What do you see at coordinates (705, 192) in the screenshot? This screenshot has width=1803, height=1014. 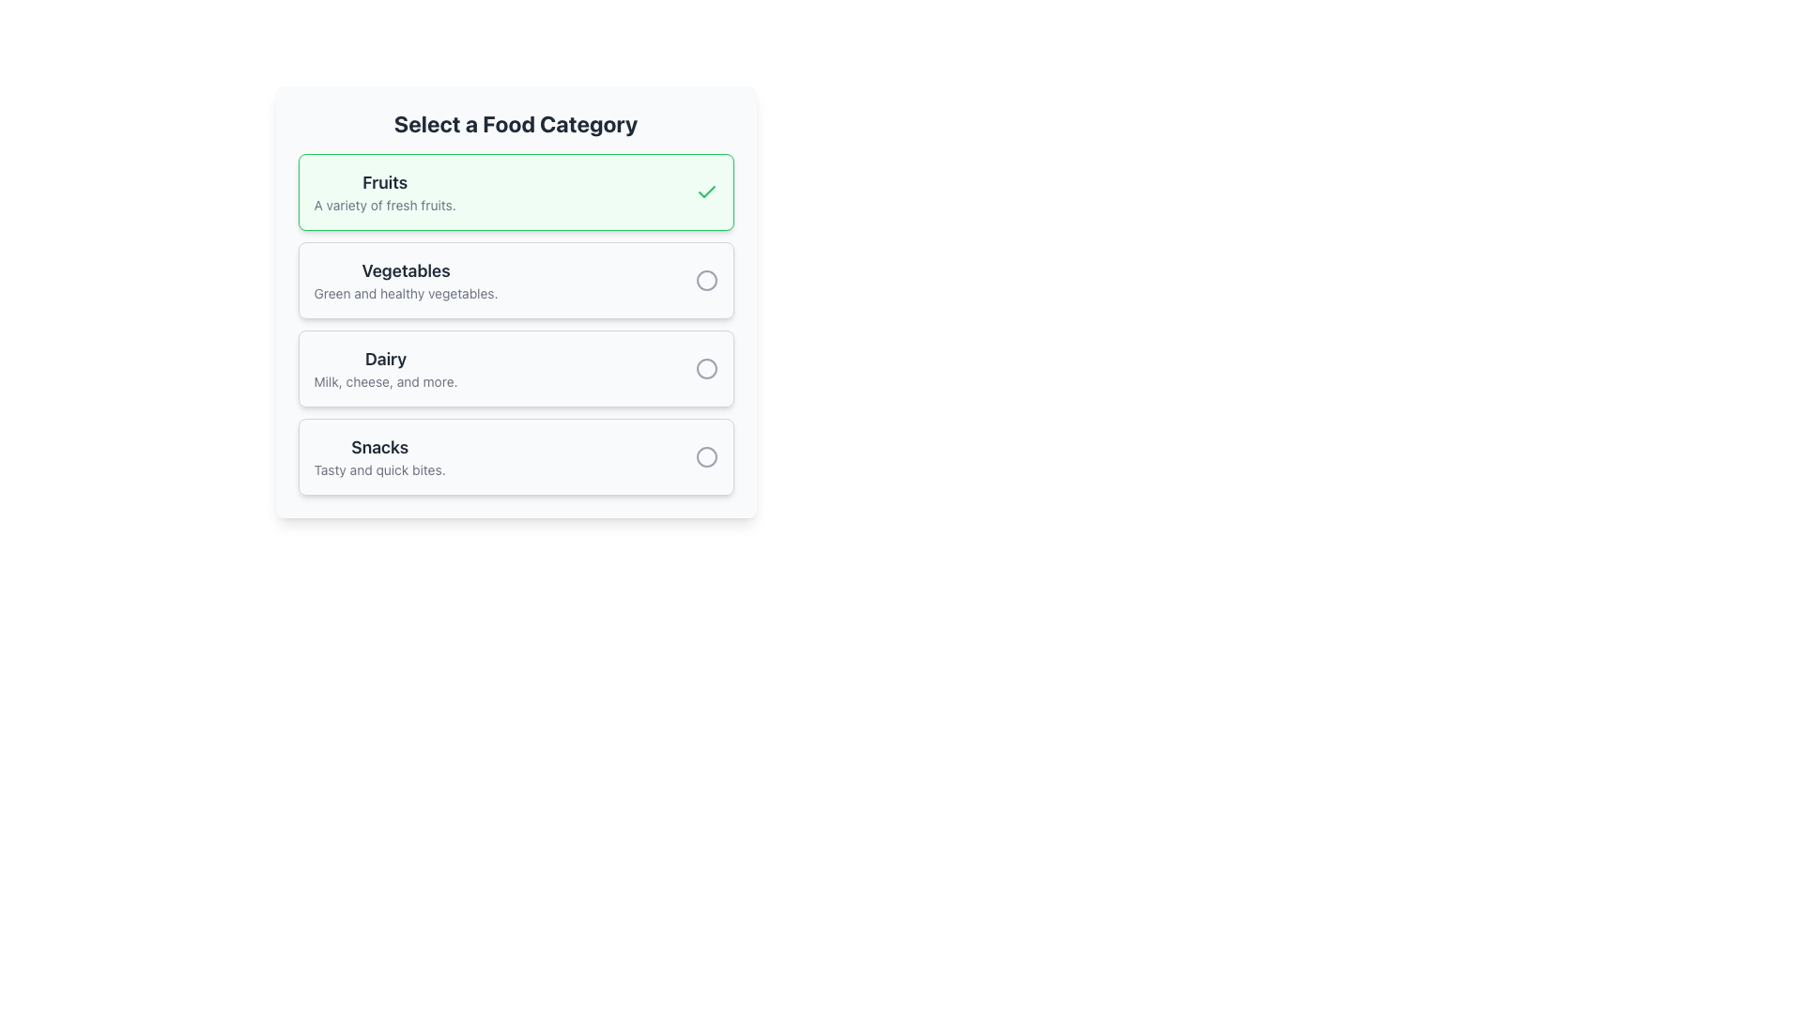 I see `the green checkmark icon located in the upper-right corner of the 'Fruits' selection card` at bounding box center [705, 192].